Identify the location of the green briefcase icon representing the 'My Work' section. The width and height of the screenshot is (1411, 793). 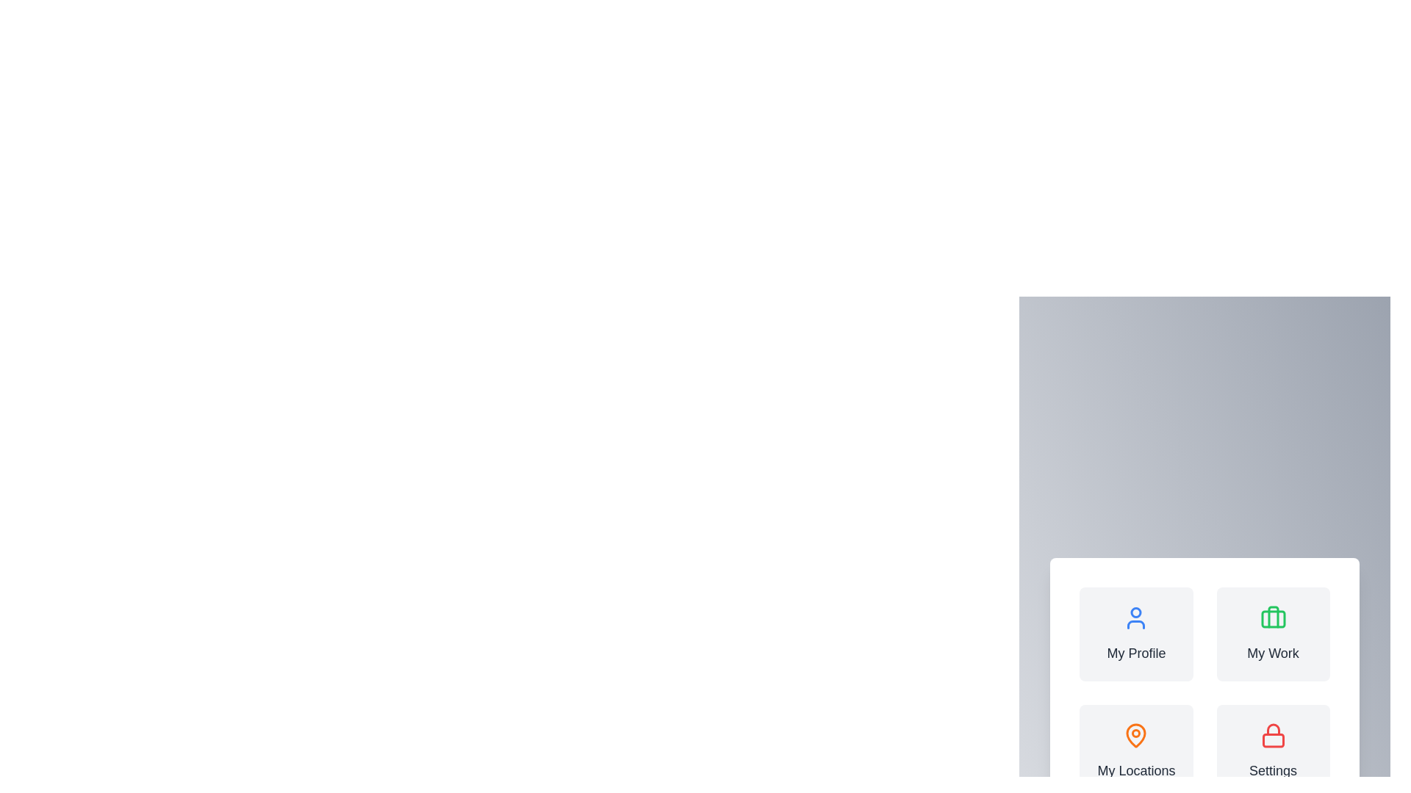
(1272, 618).